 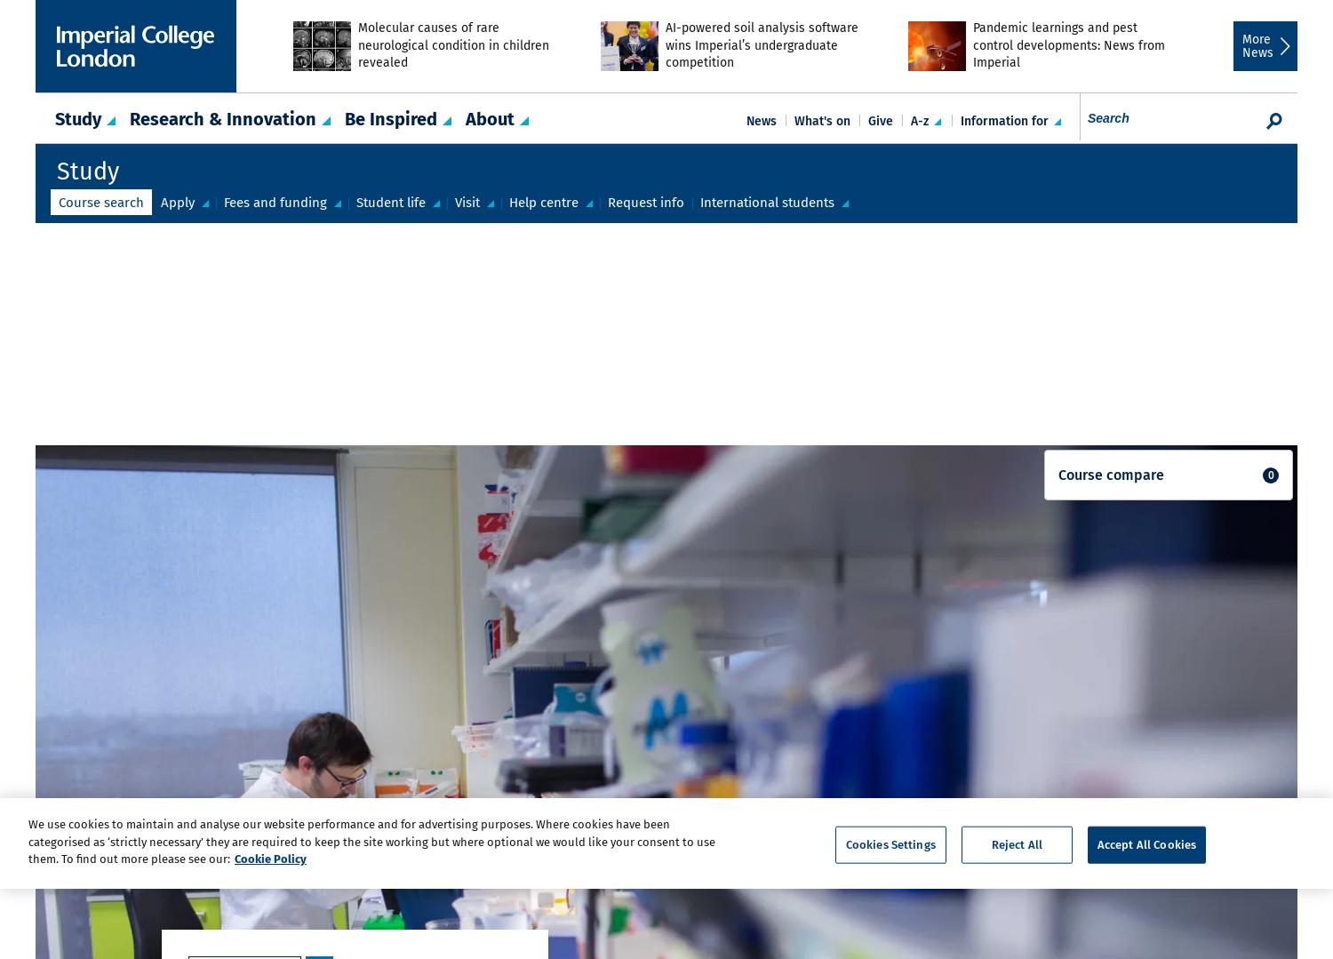 What do you see at coordinates (176, 201) in the screenshot?
I see `'Apply'` at bounding box center [176, 201].